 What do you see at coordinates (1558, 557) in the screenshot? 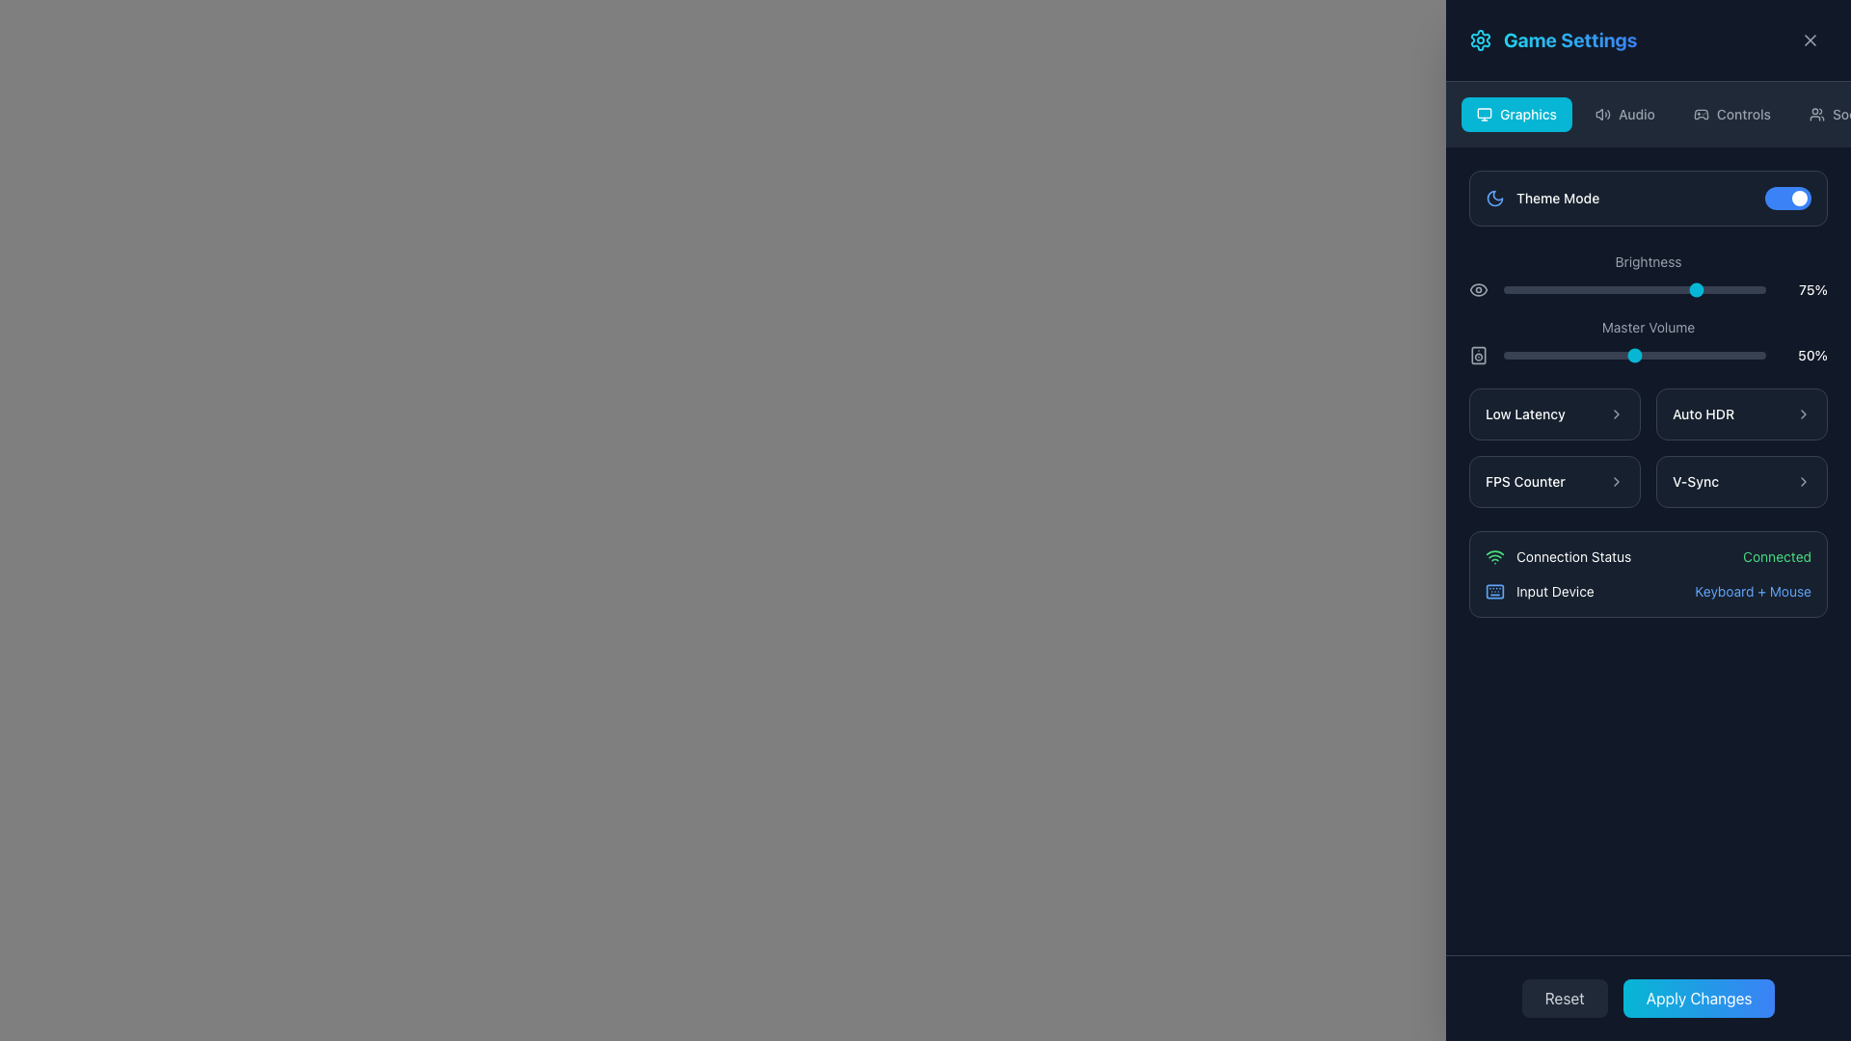
I see `the 'Connection Status' label with the Wi-Fi icon, which is the top-left item in the connection-related information group, positioned to the left of the 'Connected' text` at bounding box center [1558, 557].